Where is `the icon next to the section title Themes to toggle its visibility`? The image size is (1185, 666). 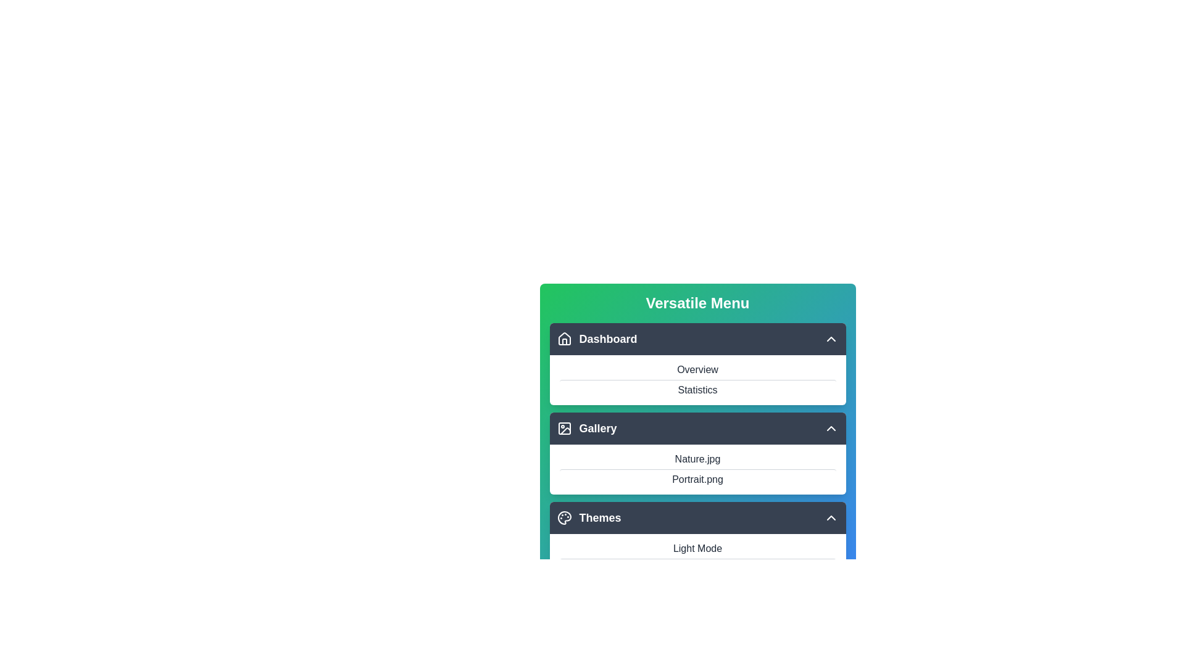
the icon next to the section title Themes to toggle its visibility is located at coordinates (563, 518).